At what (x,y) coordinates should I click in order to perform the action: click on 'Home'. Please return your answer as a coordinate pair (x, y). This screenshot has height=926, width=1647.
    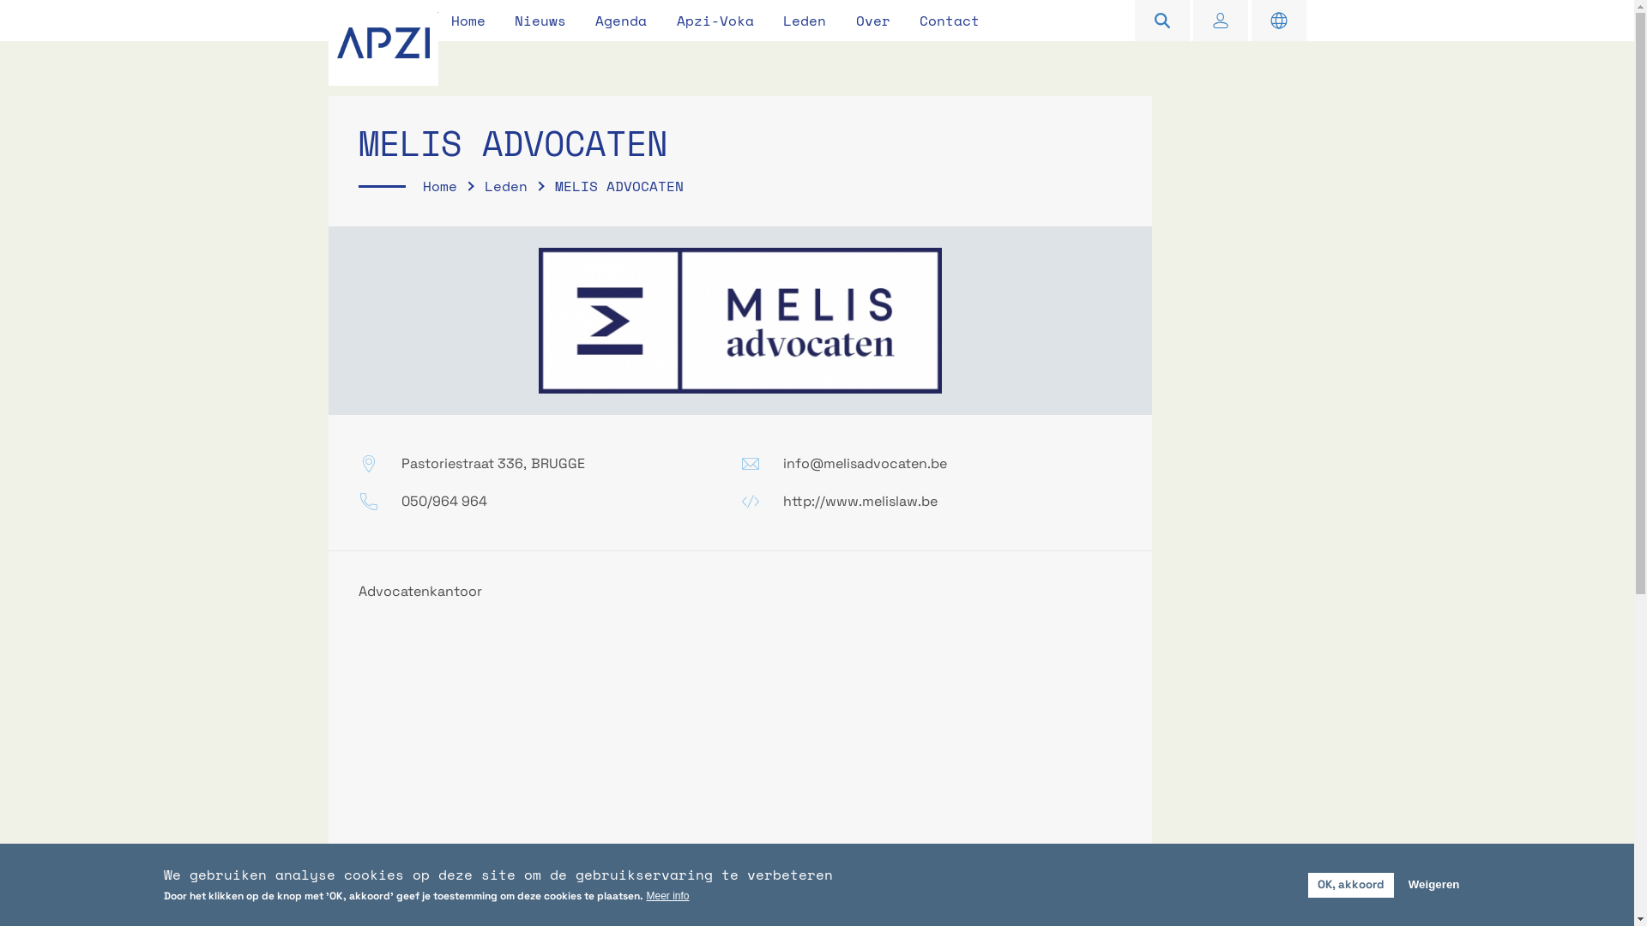
    Looking at the image, I should click on (439, 185).